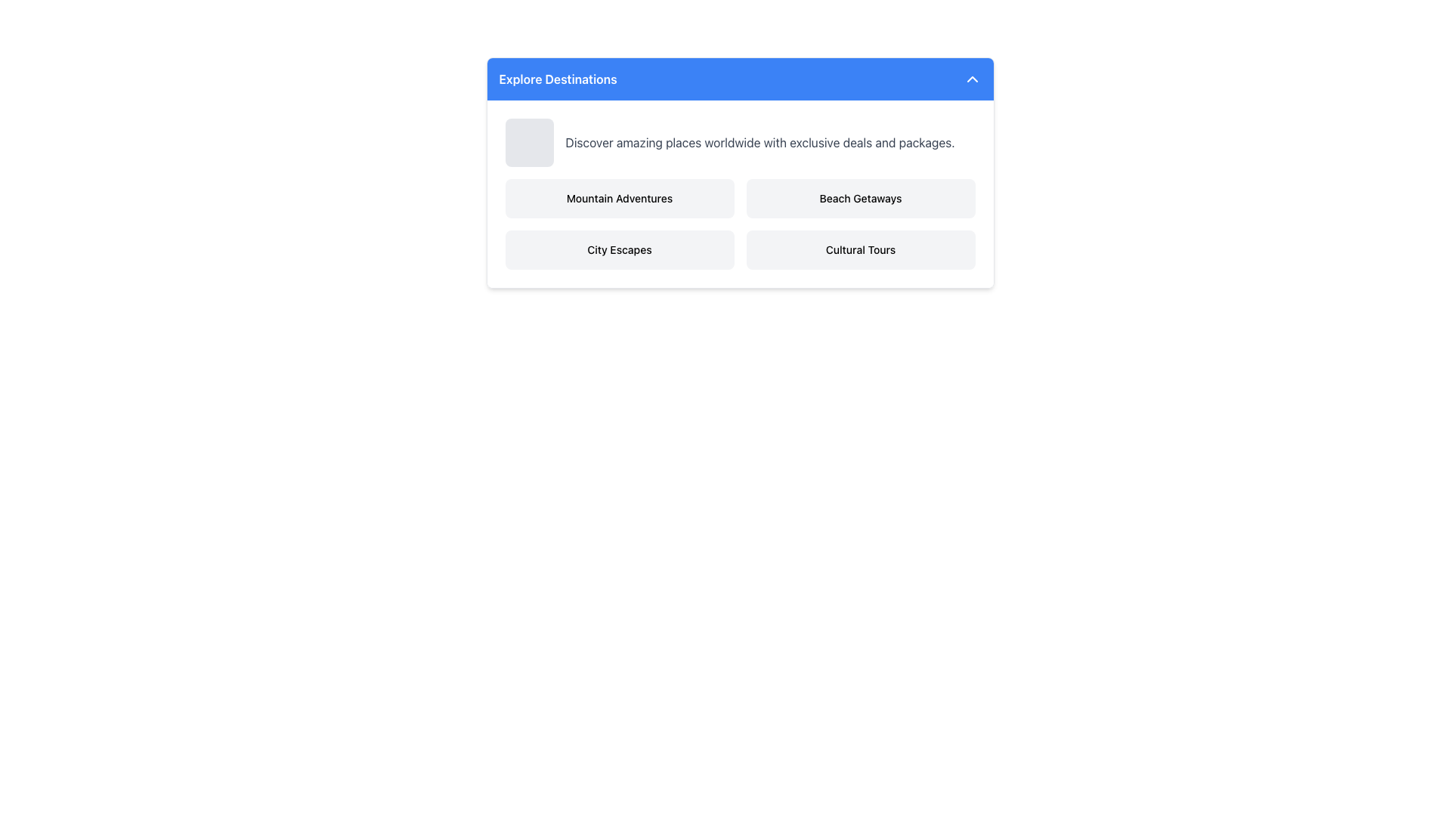 The image size is (1451, 816). Describe the element at coordinates (860, 197) in the screenshot. I see `the 'Beach Getaways' text label inside the light gray rounded rectangle button` at that location.